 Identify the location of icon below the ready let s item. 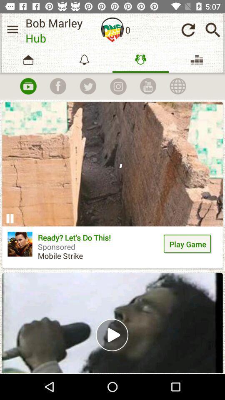
(112, 322).